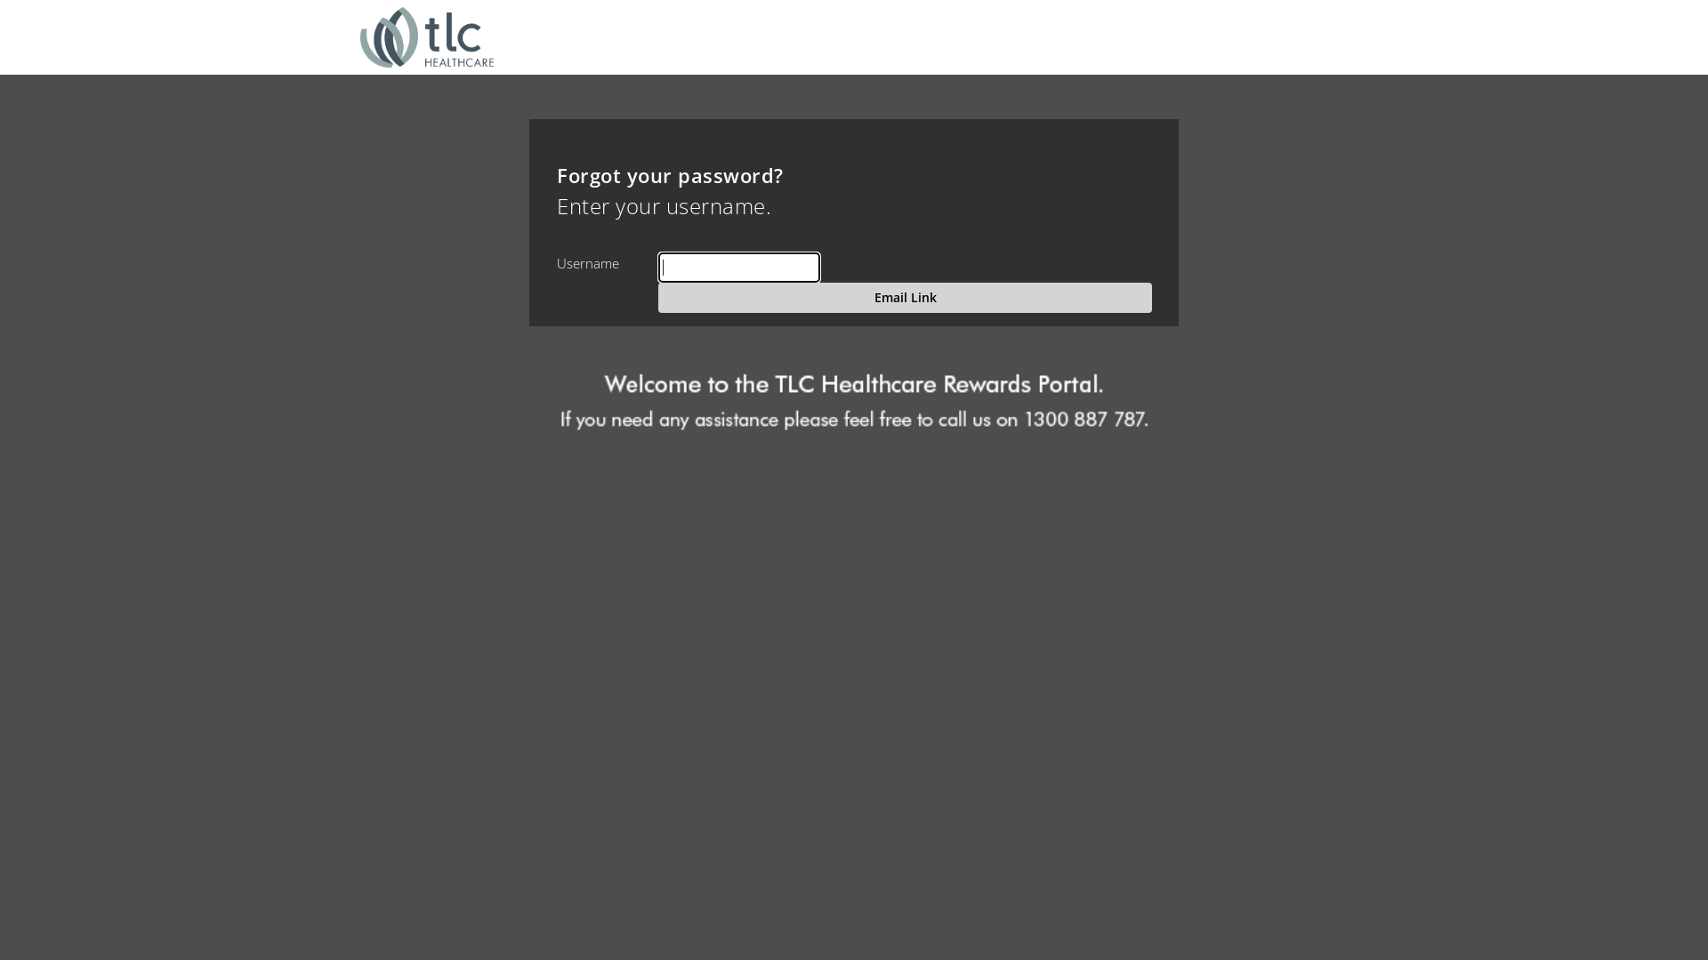  Describe the element at coordinates (905, 297) in the screenshot. I see `'Email Link'` at that location.